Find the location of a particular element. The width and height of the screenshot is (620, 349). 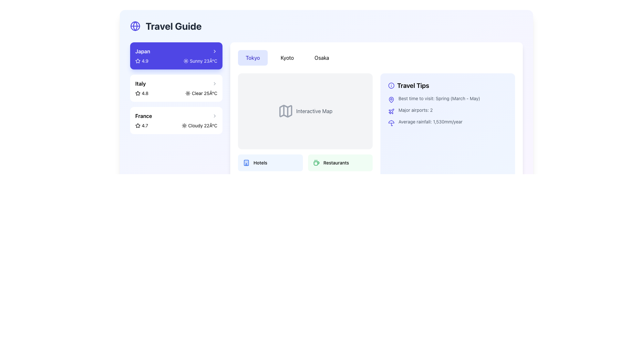

the weather condition label displaying 'Cloudy 22°C' with a sun icon, located in the 'France' list item in the left sidebar is located at coordinates (202, 126).